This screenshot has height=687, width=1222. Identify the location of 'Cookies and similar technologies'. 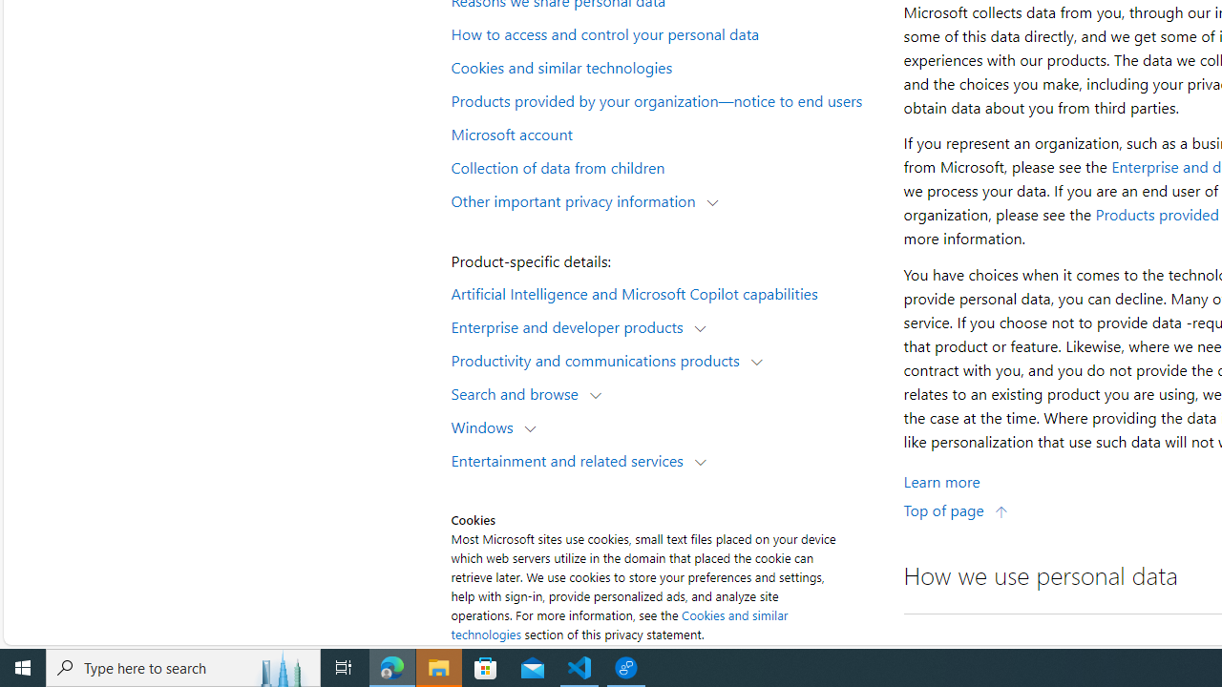
(664, 65).